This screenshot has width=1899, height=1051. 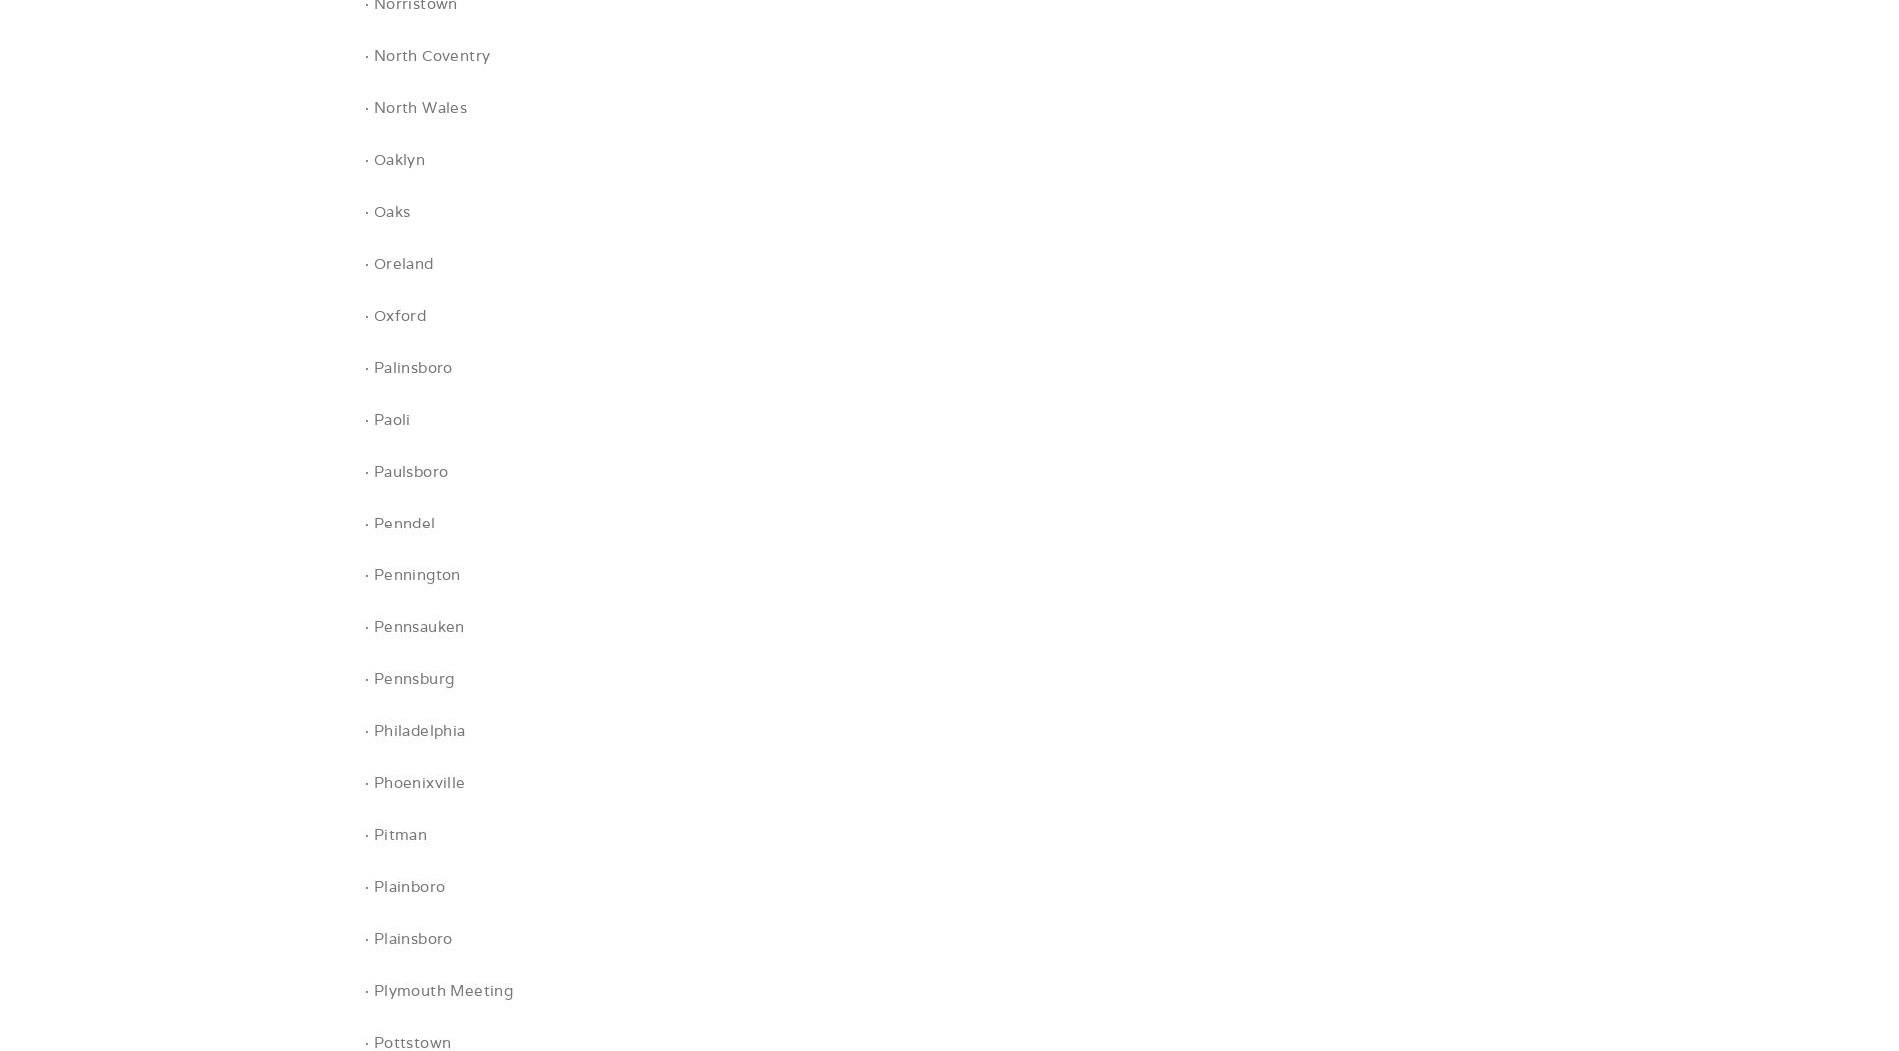 I want to click on '· Pennington', so click(x=411, y=573).